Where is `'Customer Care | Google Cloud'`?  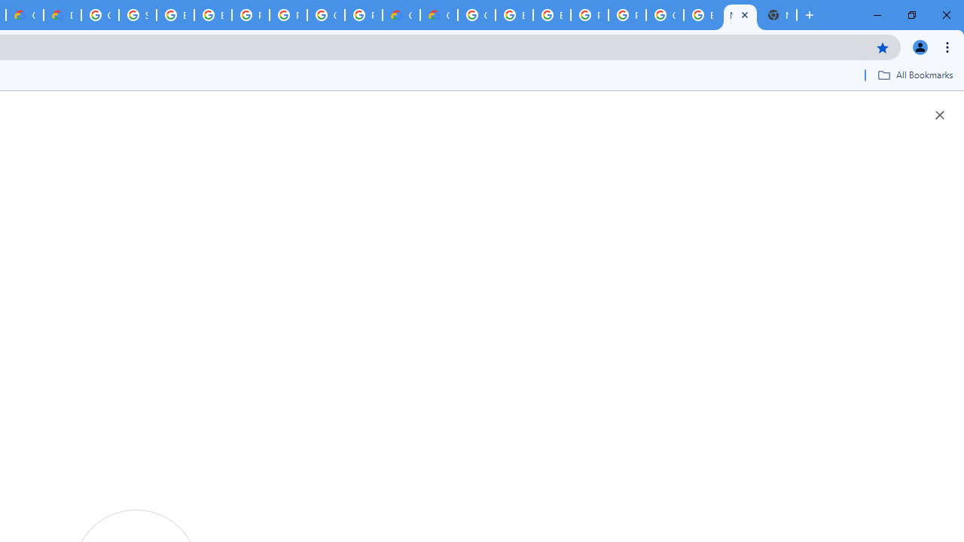
'Customer Care | Google Cloud' is located at coordinates (401, 15).